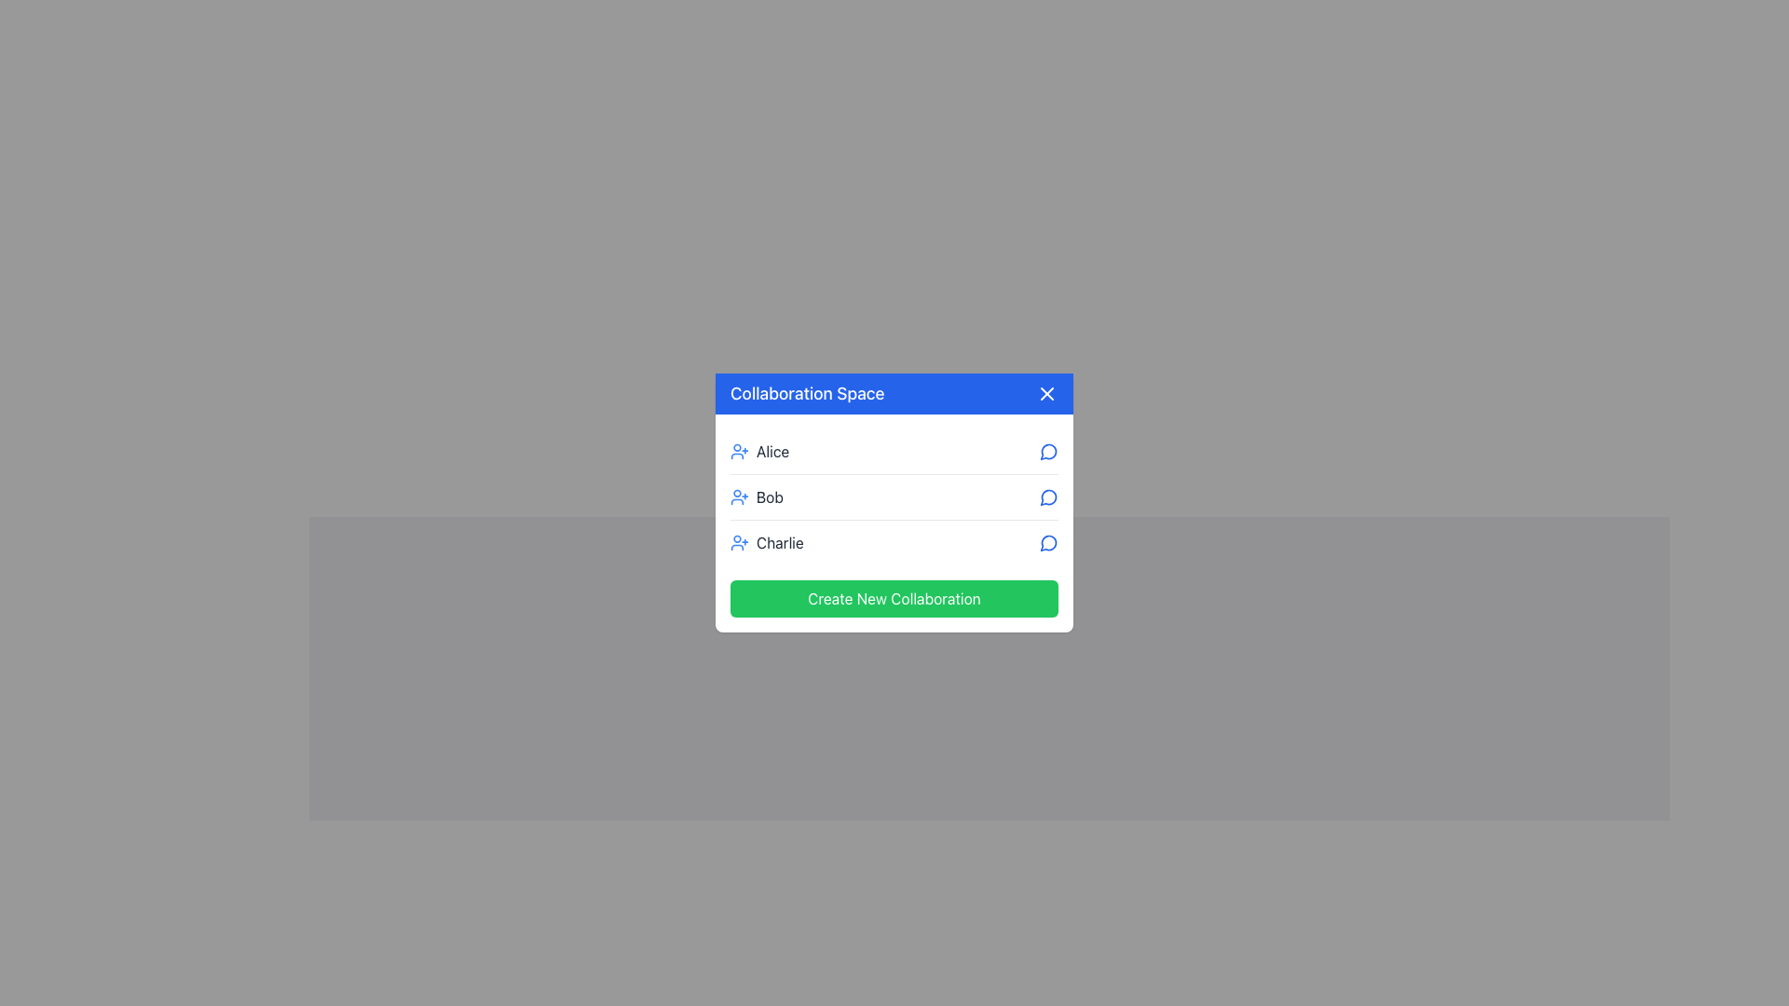 The height and width of the screenshot is (1006, 1789). What do you see at coordinates (894, 523) in the screenshot?
I see `the second list item ('Bob') within the 'Collaboration Space' card` at bounding box center [894, 523].